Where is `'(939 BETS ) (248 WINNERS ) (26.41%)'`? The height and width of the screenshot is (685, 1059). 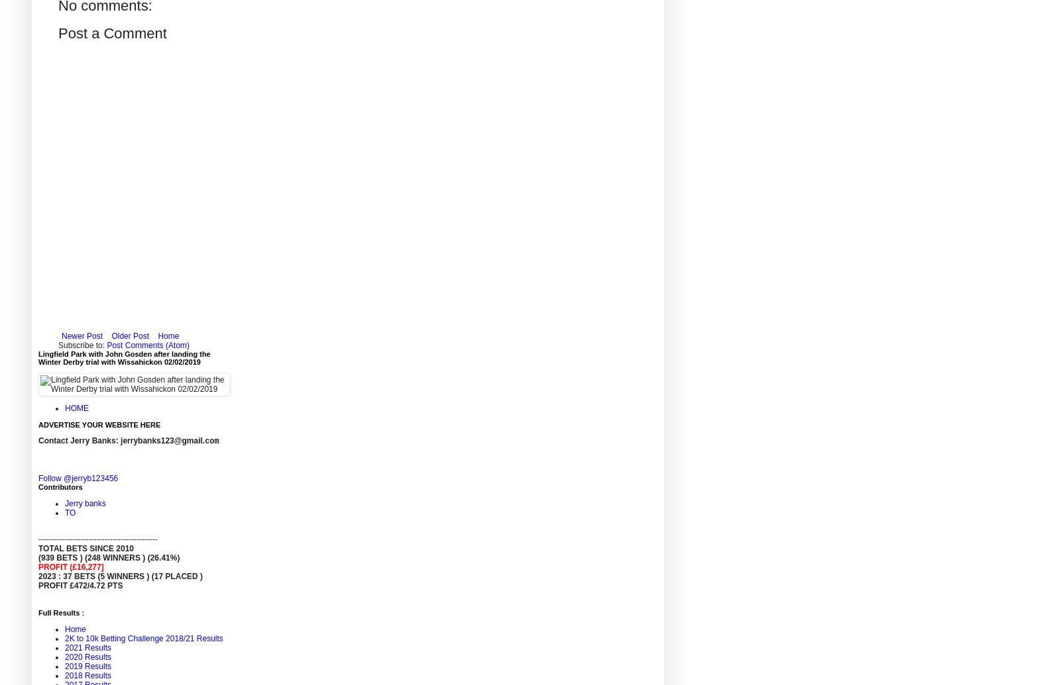
'(939 BETS ) (248 WINNERS ) (26.41%)' is located at coordinates (108, 557).